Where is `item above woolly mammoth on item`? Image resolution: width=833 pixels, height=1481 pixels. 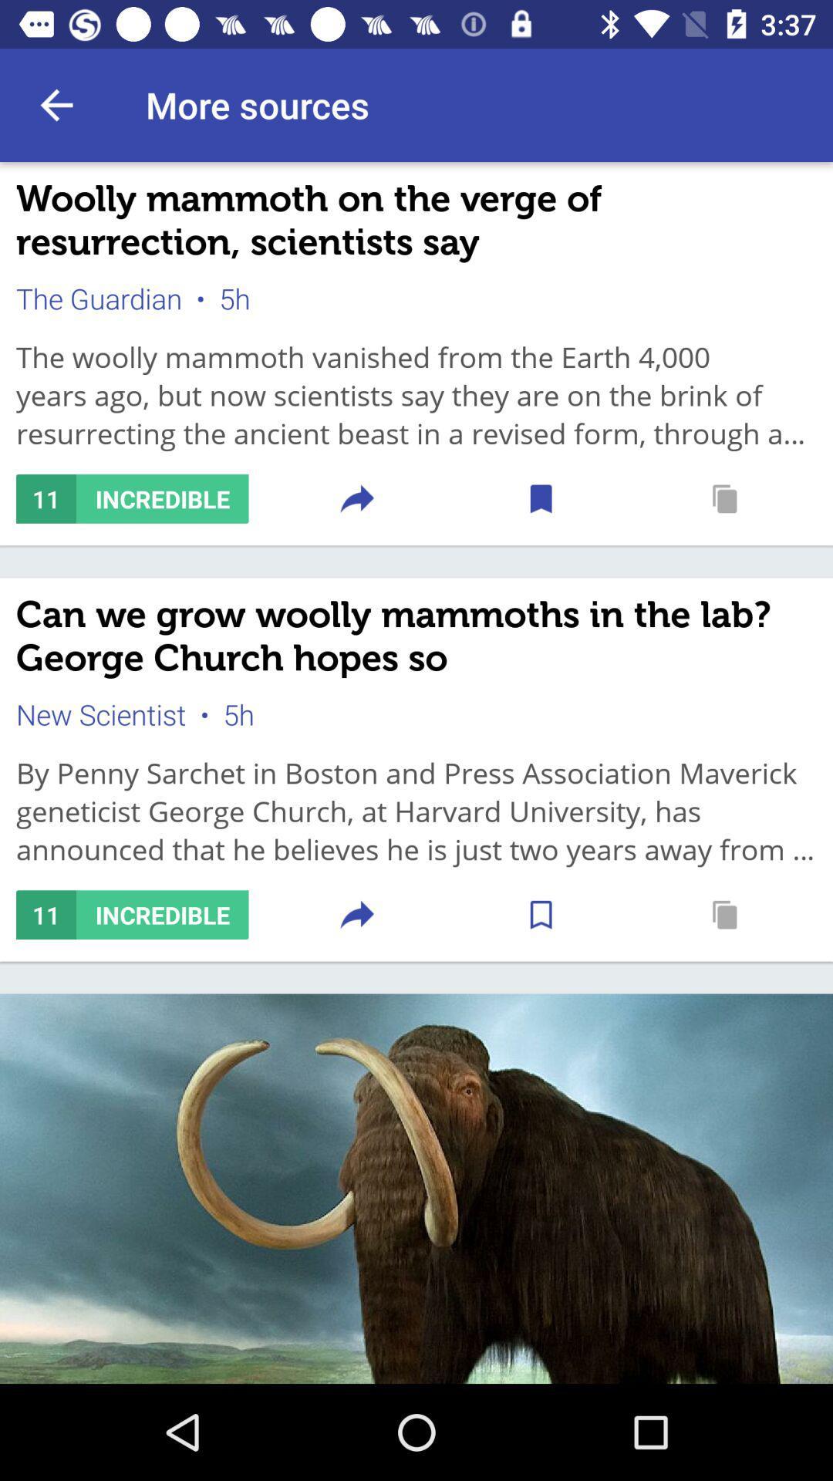
item above woolly mammoth on item is located at coordinates (56, 104).